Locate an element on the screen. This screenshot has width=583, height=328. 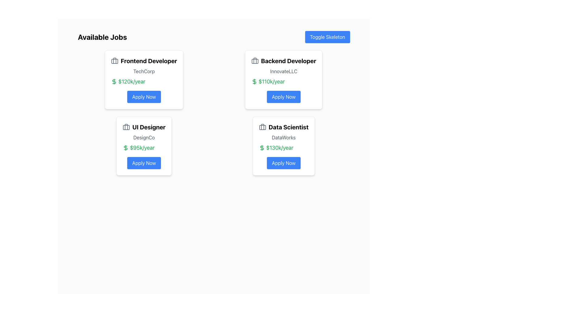
the text label displaying the company name 'InnovateLLC' located below the job title 'Backend Developer' and above the salary information '$110k/year' is located at coordinates (283, 71).